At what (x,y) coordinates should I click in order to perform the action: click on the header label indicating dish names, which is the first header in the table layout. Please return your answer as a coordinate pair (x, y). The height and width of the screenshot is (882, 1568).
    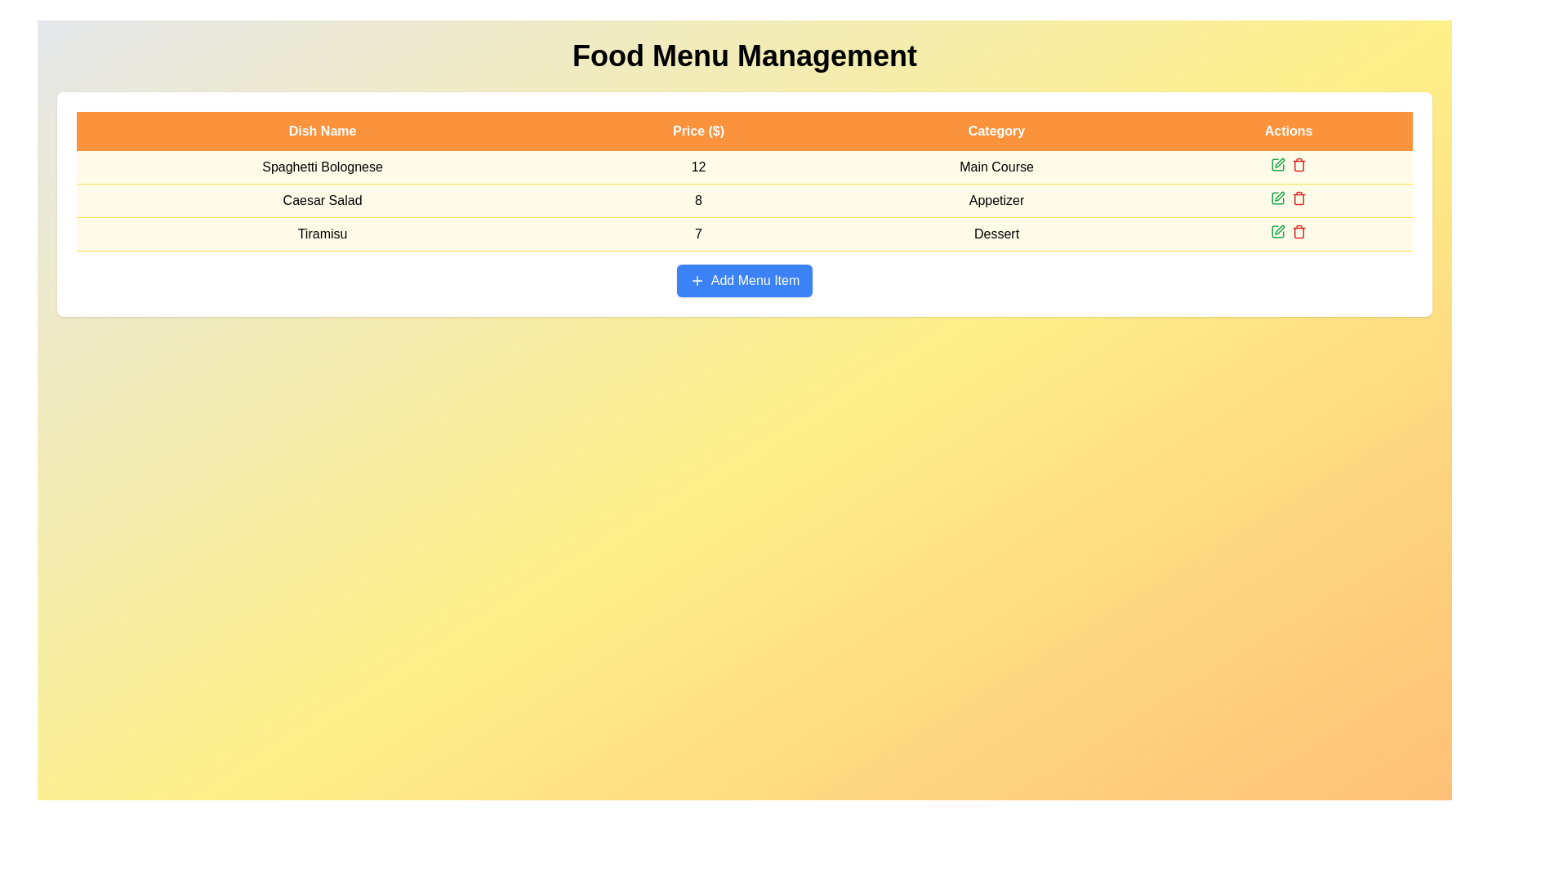
    Looking at the image, I should click on (323, 131).